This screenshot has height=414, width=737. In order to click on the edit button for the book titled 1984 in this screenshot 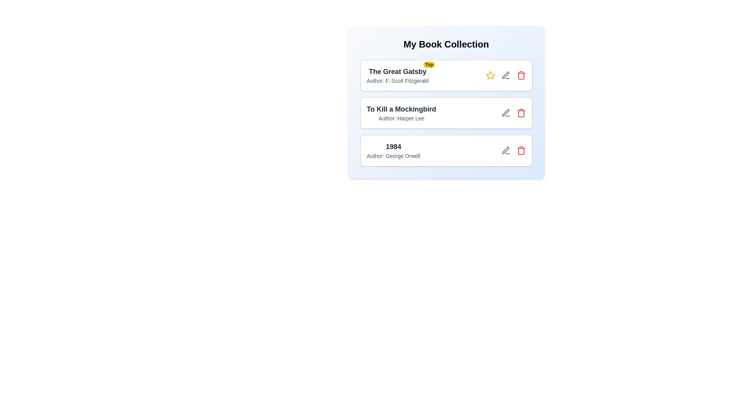, I will do `click(506, 151)`.